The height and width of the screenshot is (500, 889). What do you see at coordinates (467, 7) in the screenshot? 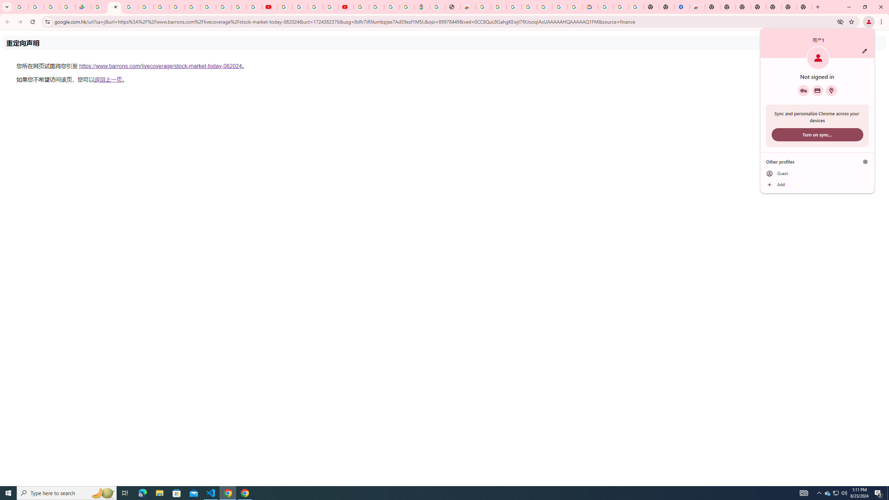
I see `'Chrome Web Store - Household'` at bounding box center [467, 7].